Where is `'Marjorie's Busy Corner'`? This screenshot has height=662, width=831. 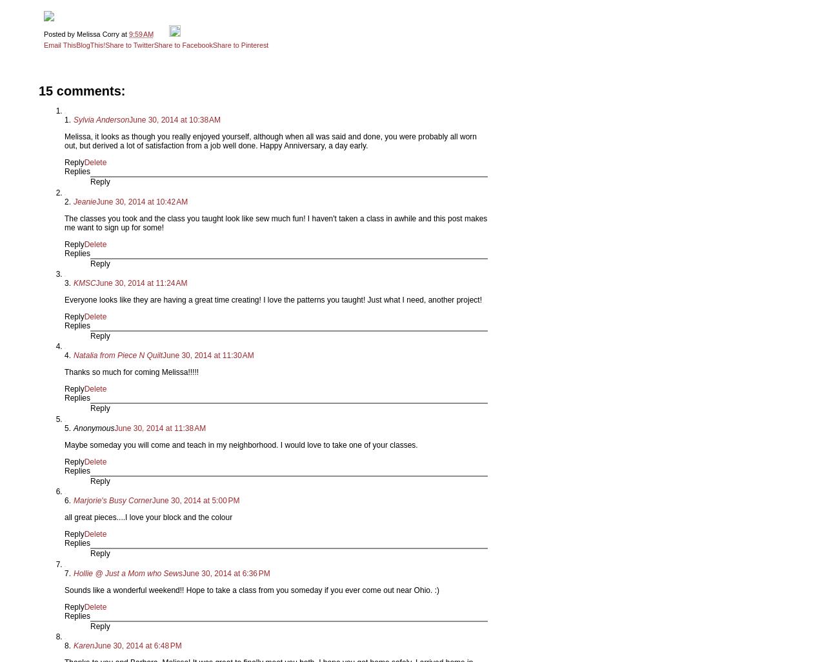
'Marjorie's Busy Corner' is located at coordinates (73, 499).